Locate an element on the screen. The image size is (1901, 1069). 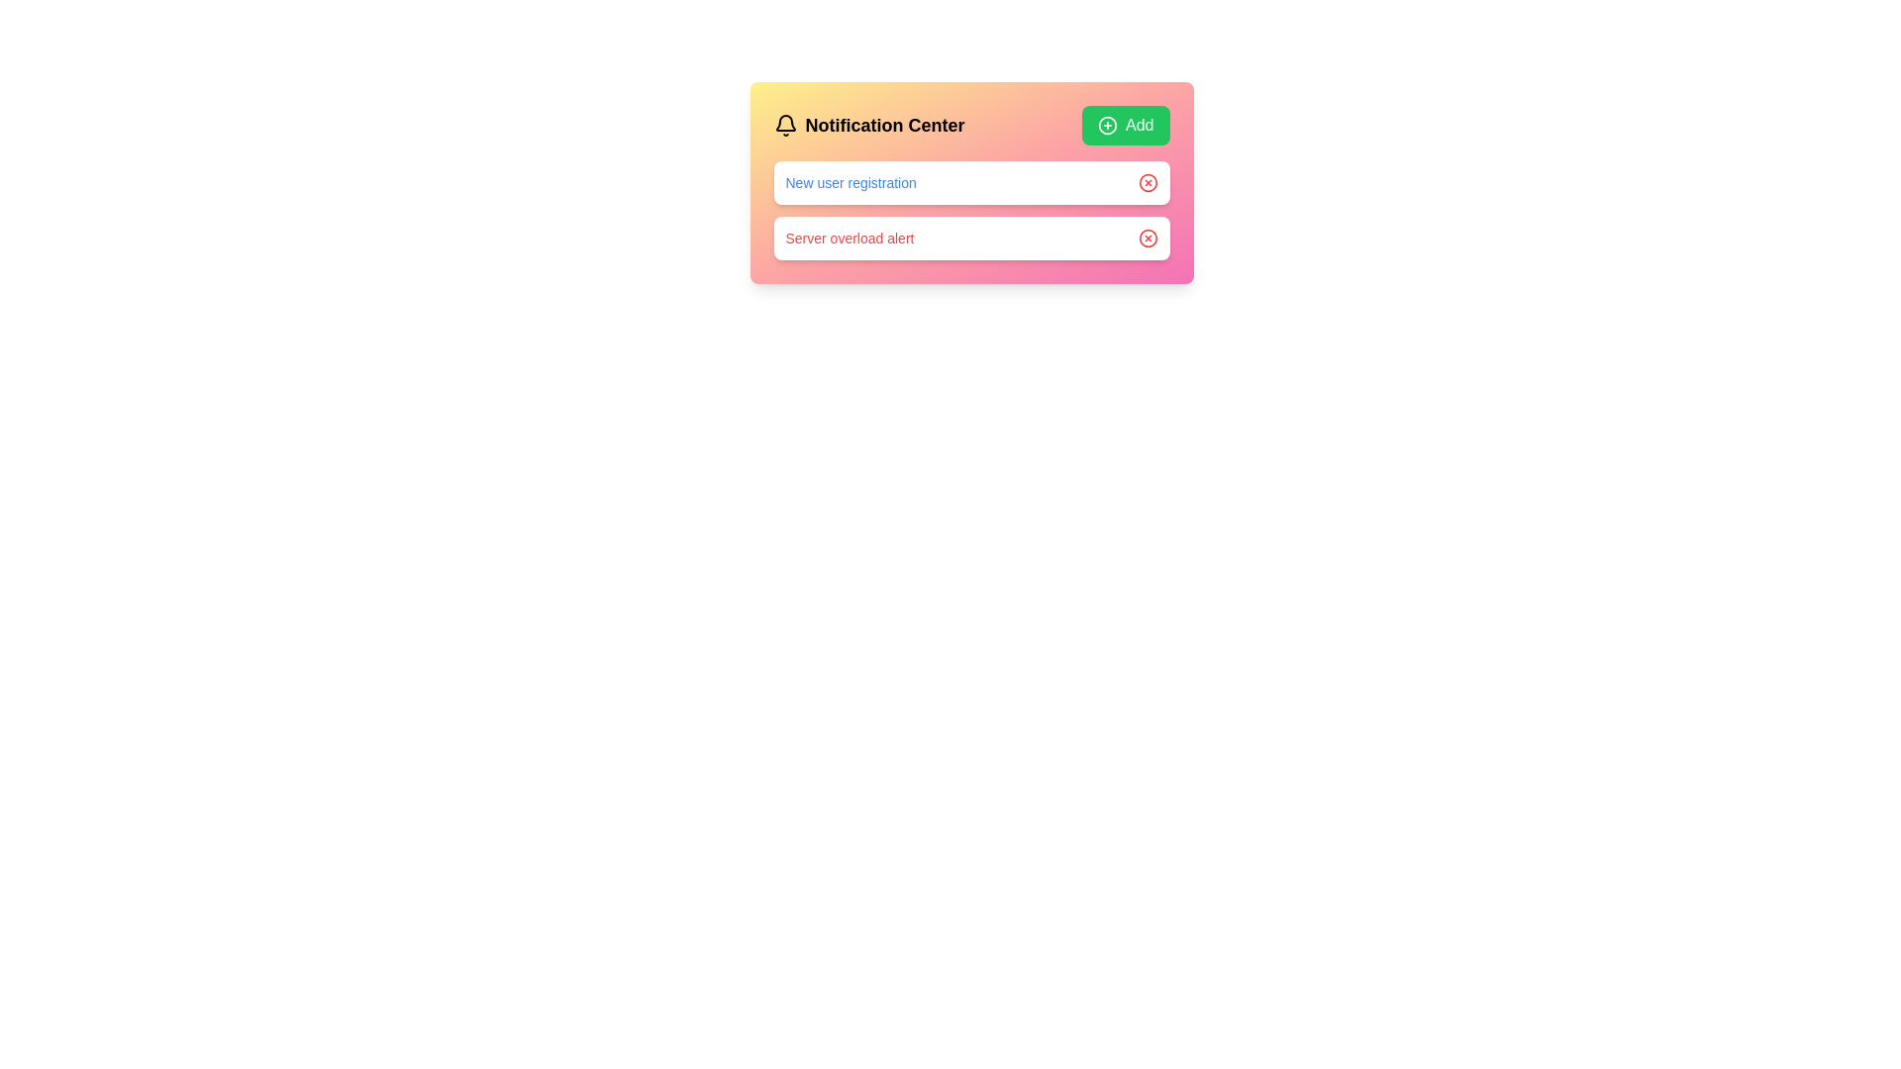
the 'New user registration' notification item located in the fixed notification panel is located at coordinates (971, 183).